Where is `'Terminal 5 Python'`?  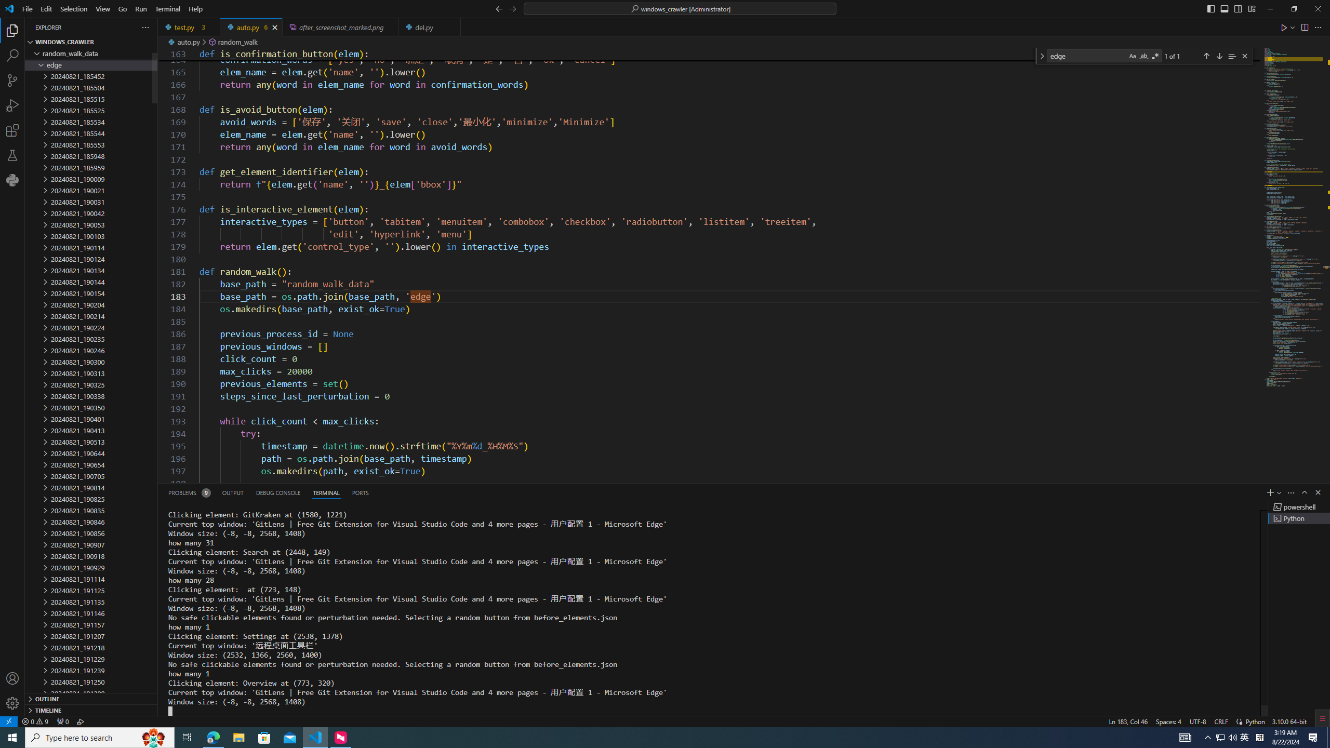
'Terminal 5 Python' is located at coordinates (1299, 517).